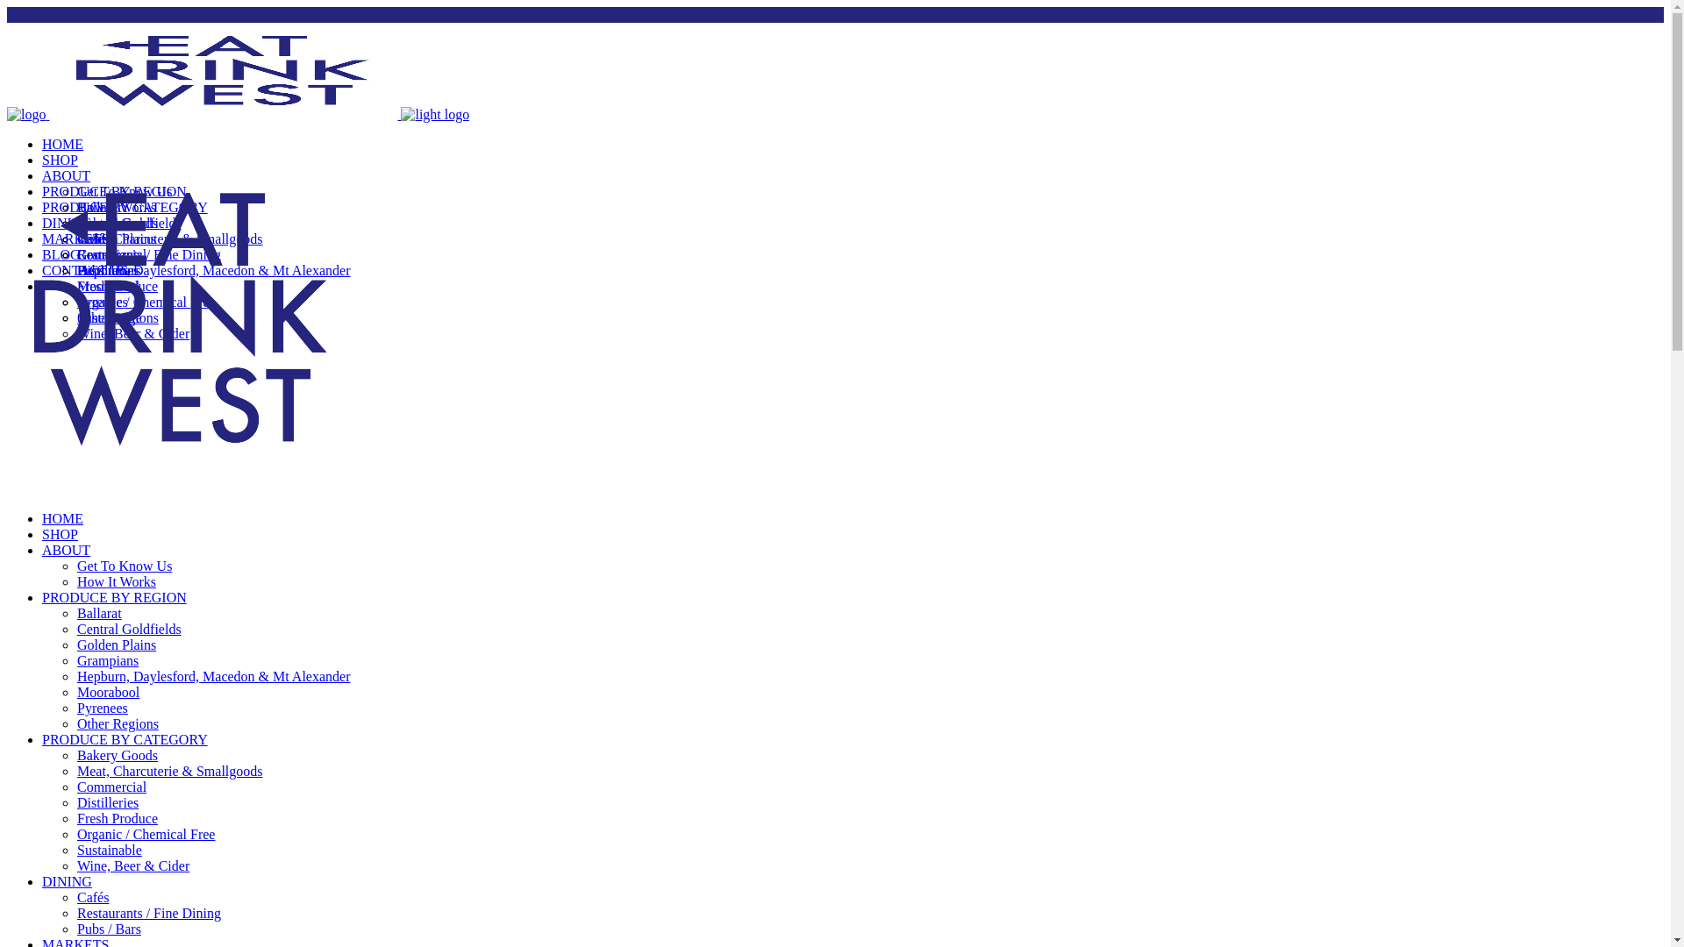 The image size is (1684, 947). I want to click on 'Pyrenees', so click(101, 707).